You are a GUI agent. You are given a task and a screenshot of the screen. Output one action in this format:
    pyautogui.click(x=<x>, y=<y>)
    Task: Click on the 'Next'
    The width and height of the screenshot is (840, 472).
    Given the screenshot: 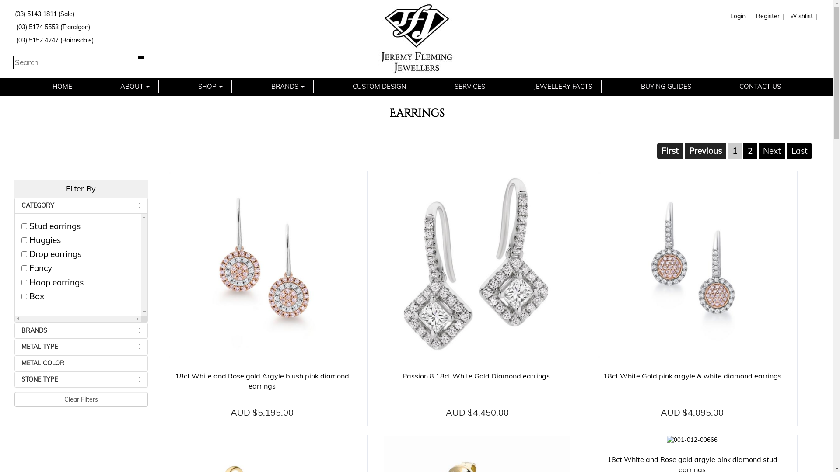 What is the action you would take?
    pyautogui.click(x=772, y=150)
    